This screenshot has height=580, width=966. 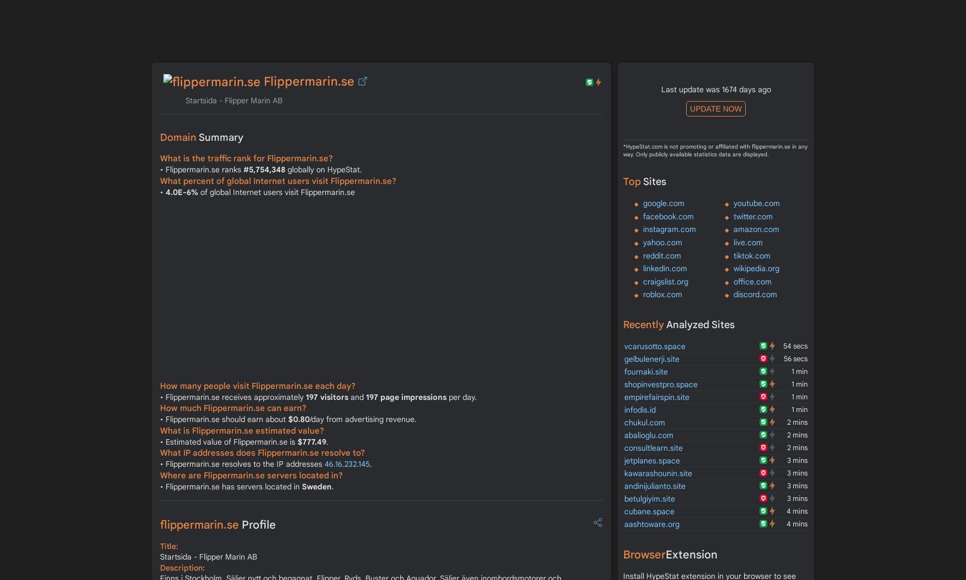 What do you see at coordinates (167, 542) in the screenshot?
I see `'SOA'` at bounding box center [167, 542].